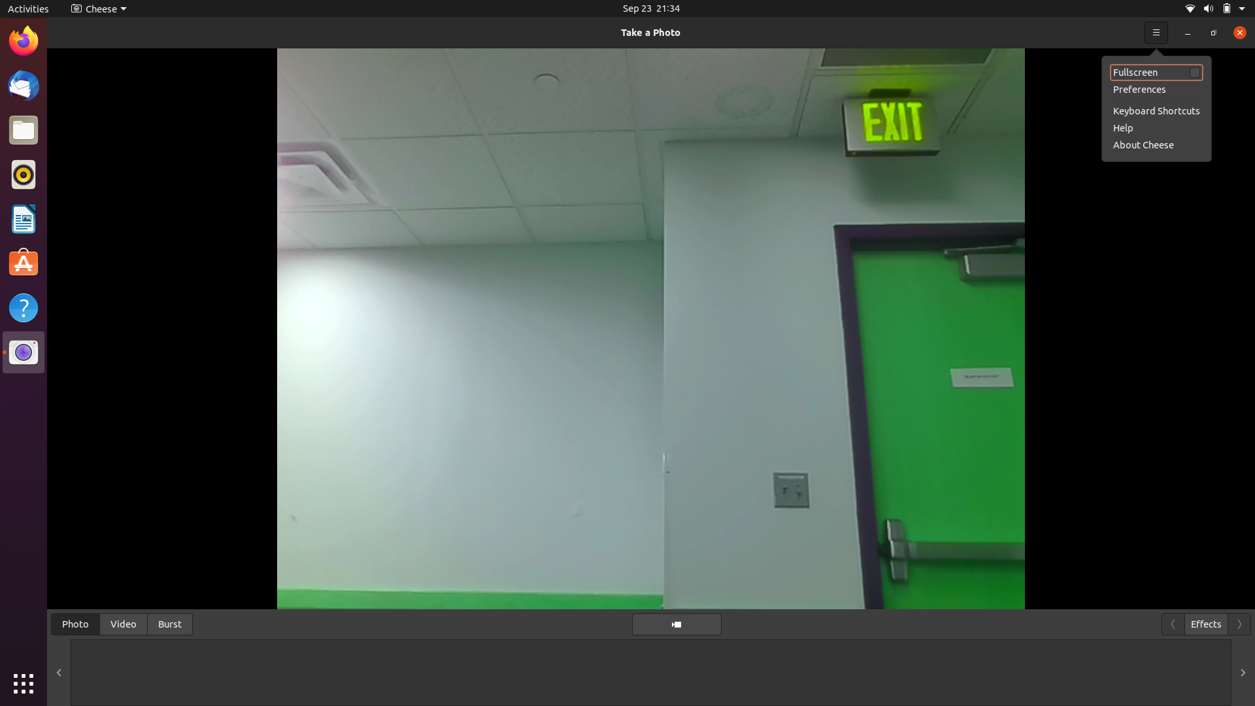 This screenshot has width=1255, height=706. Describe the element at coordinates (123, 622) in the screenshot. I see `Browse through all recorded videos` at that location.